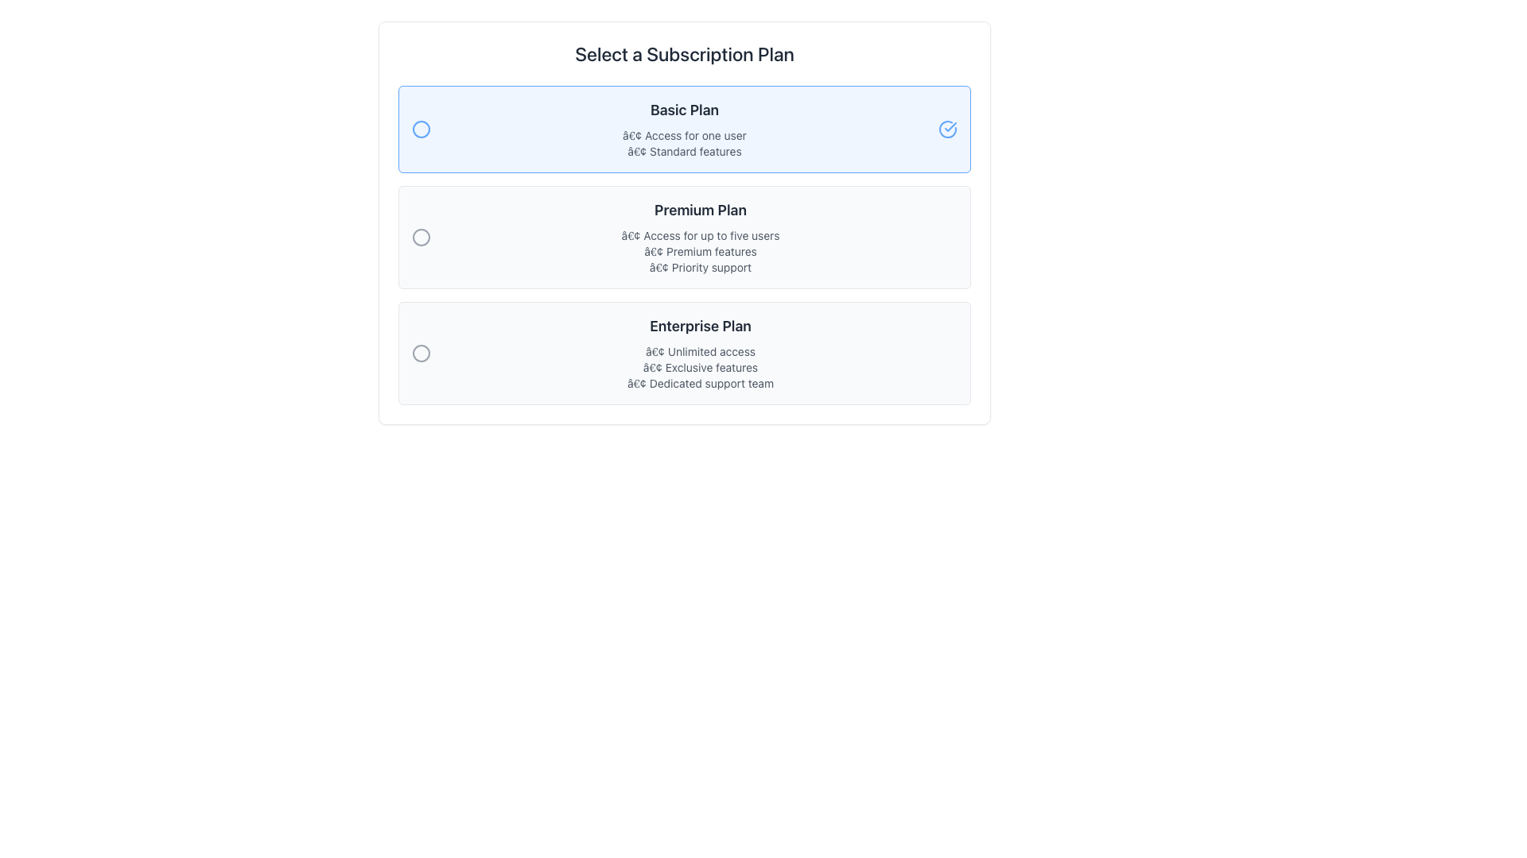 The width and height of the screenshot is (1527, 858). I want to click on the informational text group that details the features of the 'Premium Plan', which is centrally located below the 'Basic Plan' and above the 'Enterprise Plan' in the subscription plan cards, so click(700, 238).